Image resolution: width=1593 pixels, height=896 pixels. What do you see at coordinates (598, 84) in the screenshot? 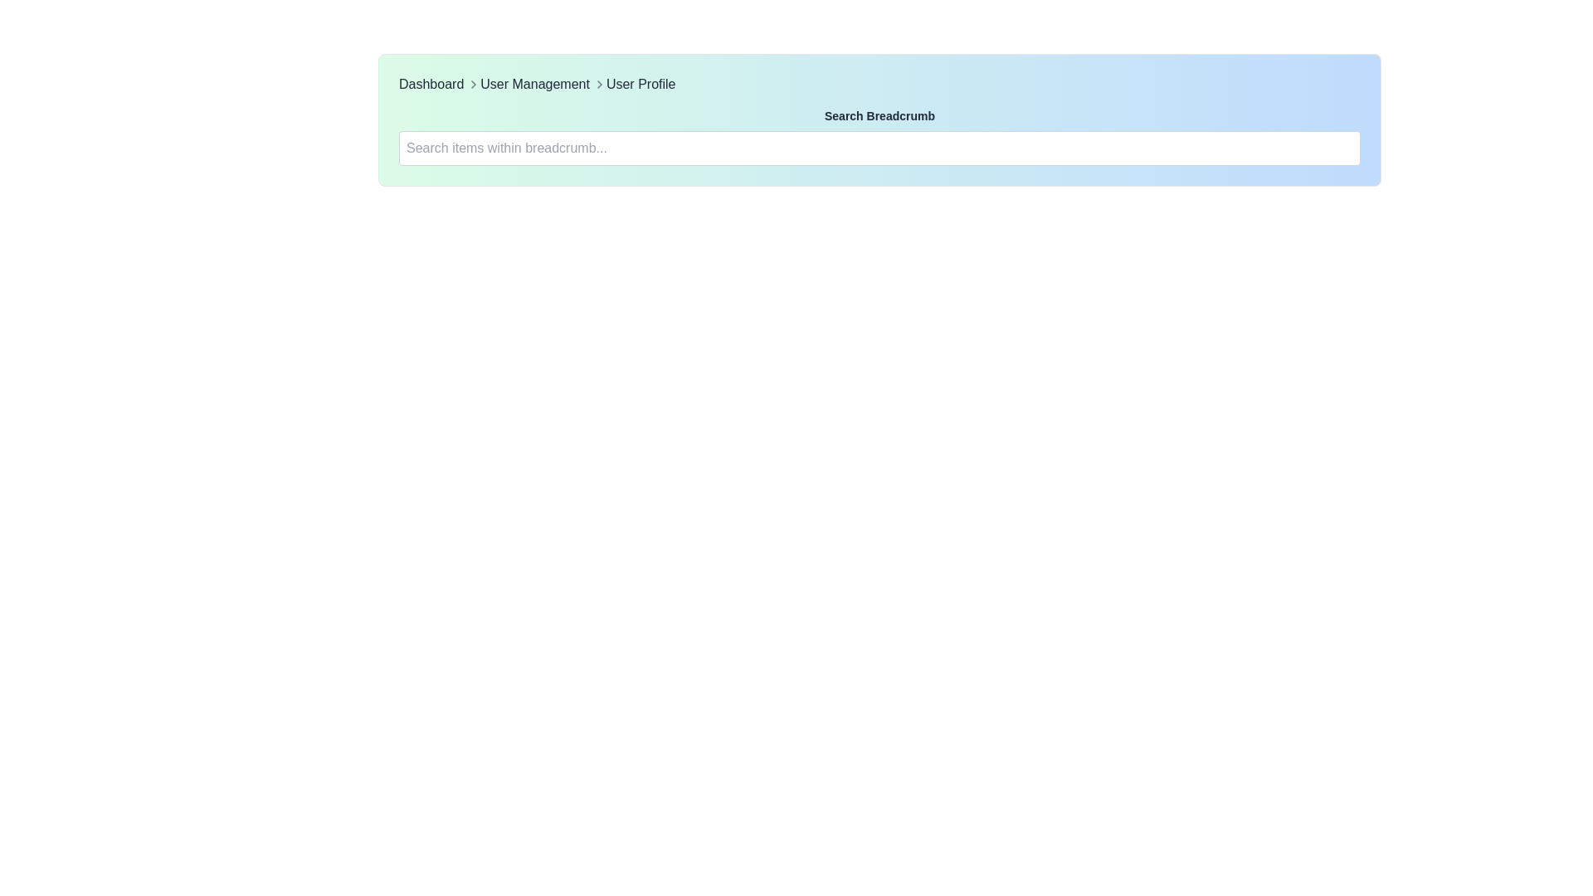
I see `the gray outline arrow icon in the breadcrumb navigation bar, positioned between 'User Management' and 'User Profile'` at bounding box center [598, 84].